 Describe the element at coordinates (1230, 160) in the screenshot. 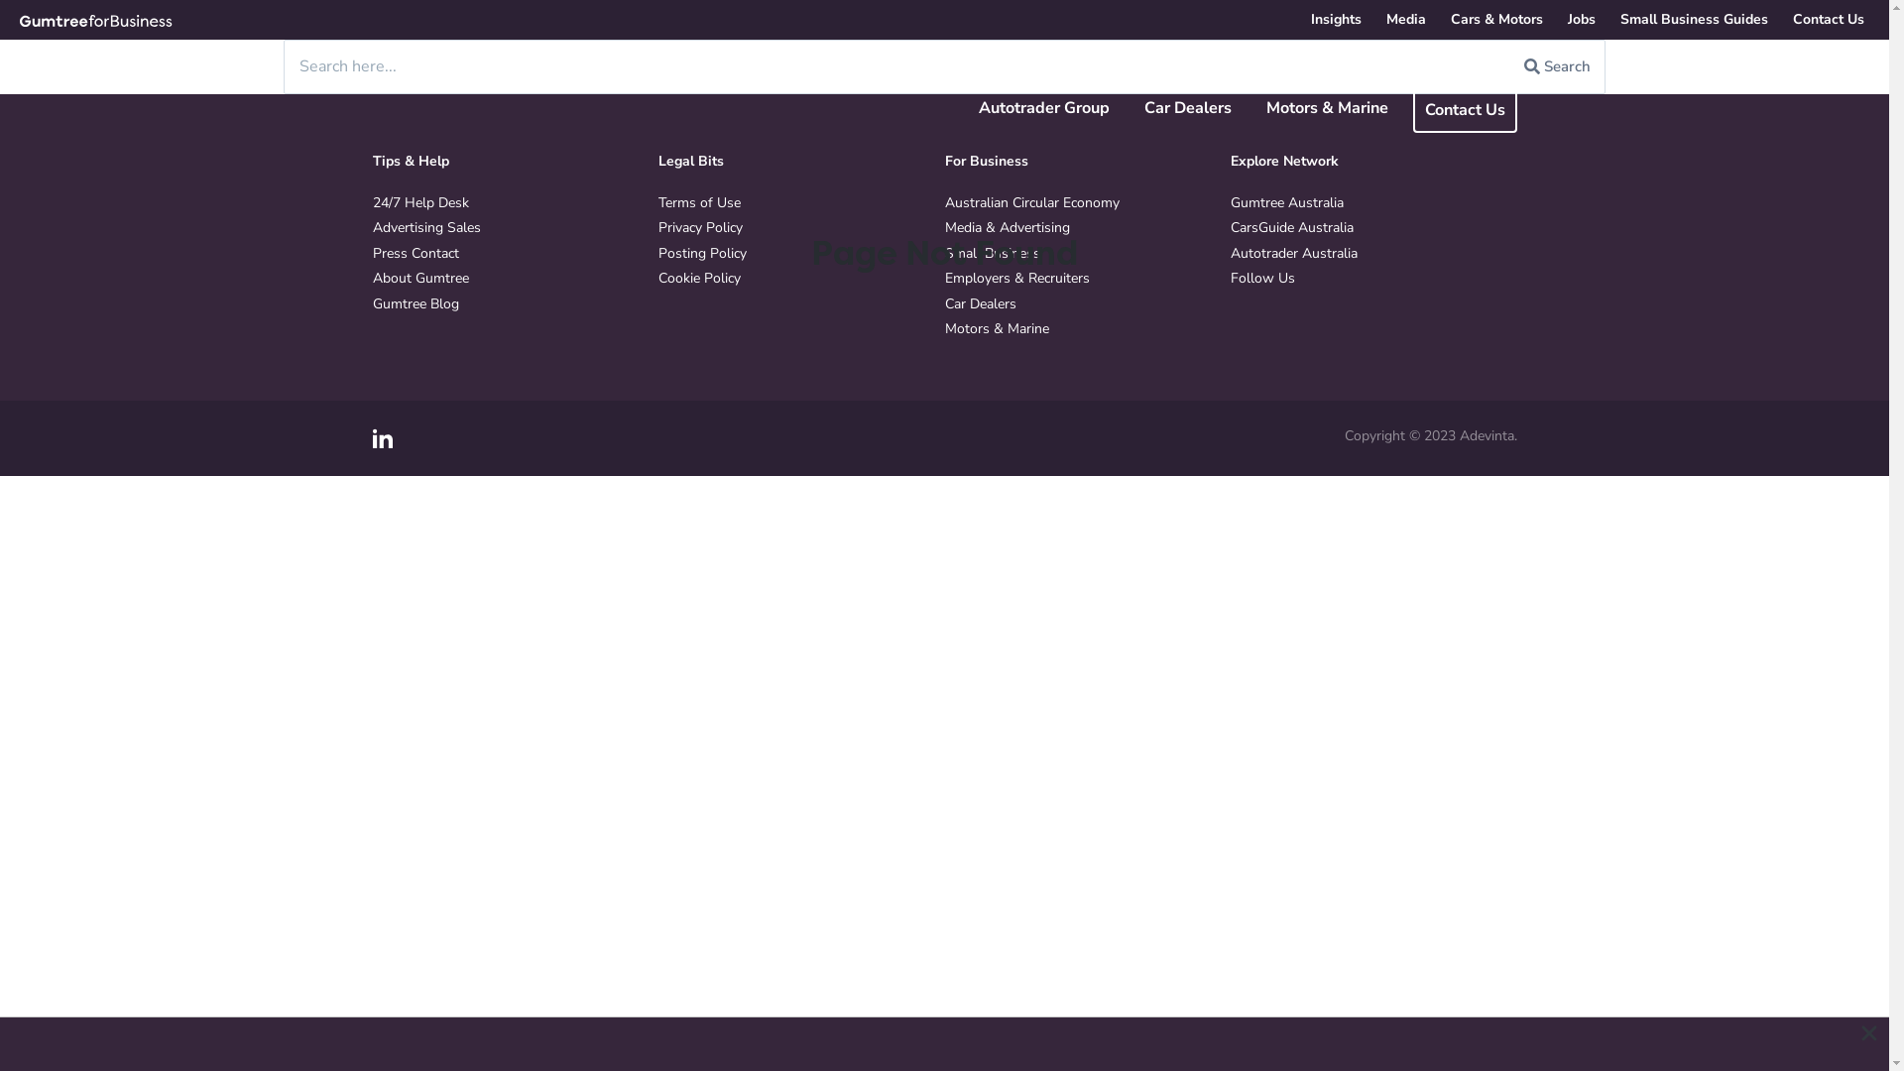

I see `'Explore Network'` at that location.